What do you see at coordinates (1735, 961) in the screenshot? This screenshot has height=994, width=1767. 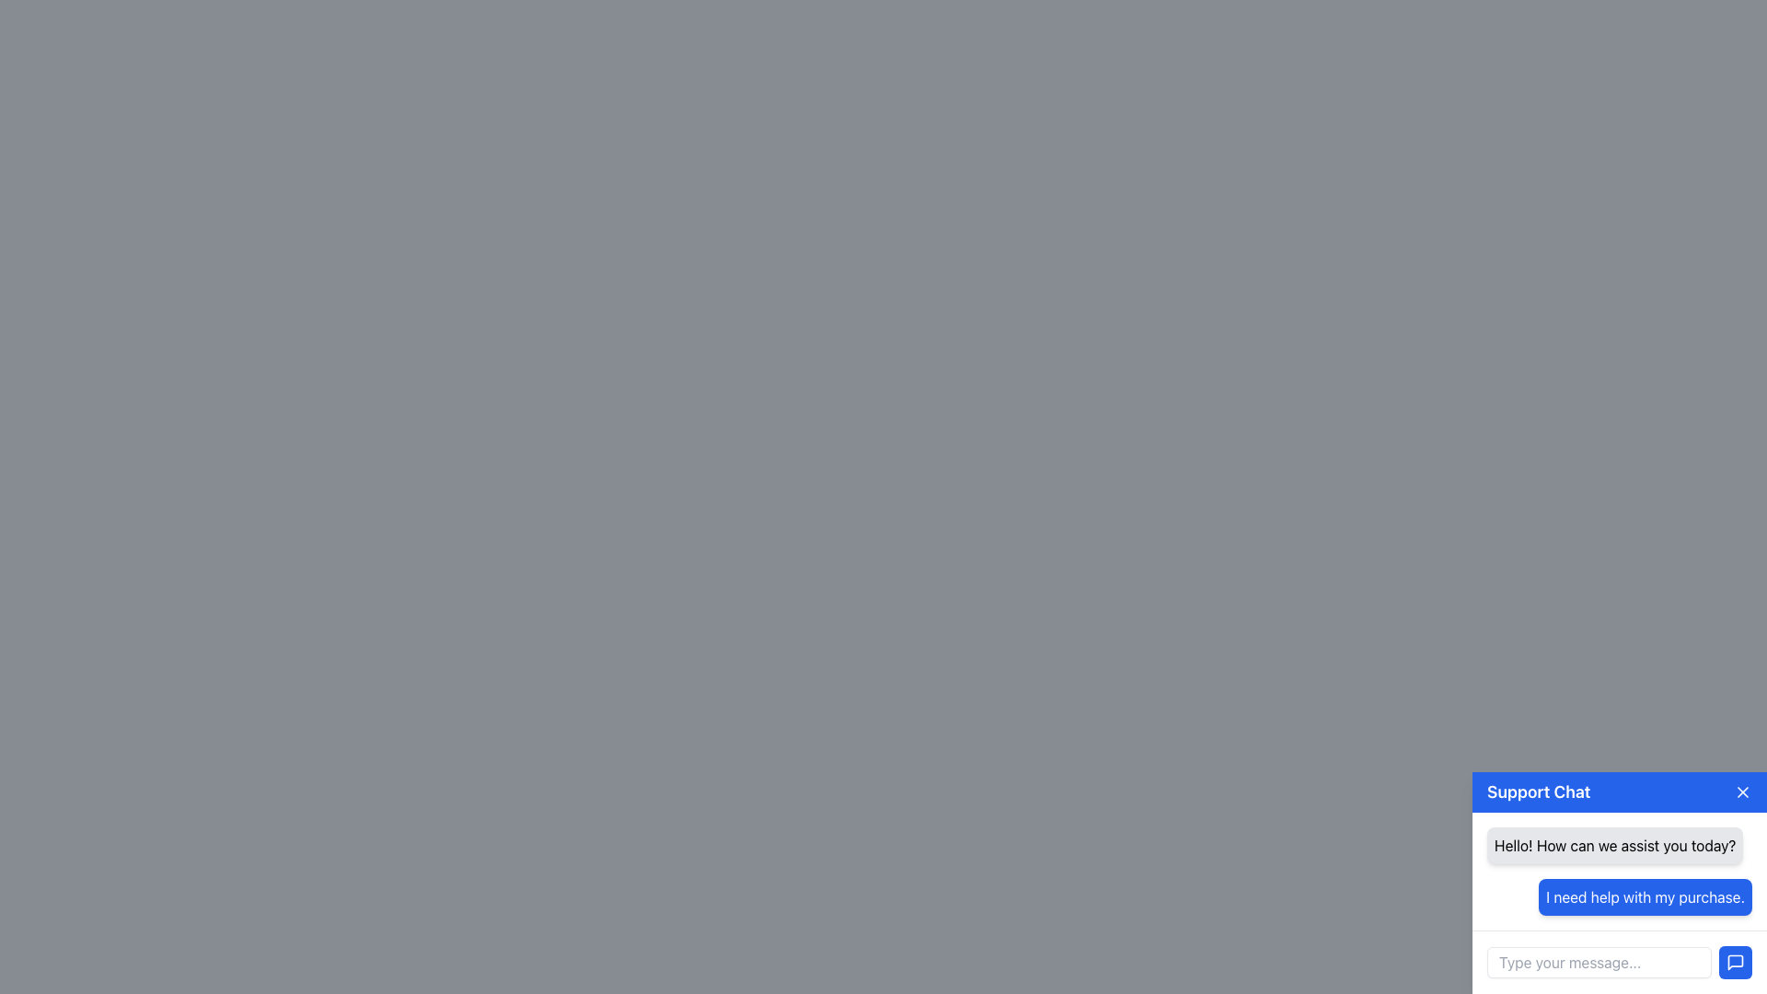 I see `the stylized speech bubble icon located at the bottom right corner of the support chat widget to interact with it` at bounding box center [1735, 961].